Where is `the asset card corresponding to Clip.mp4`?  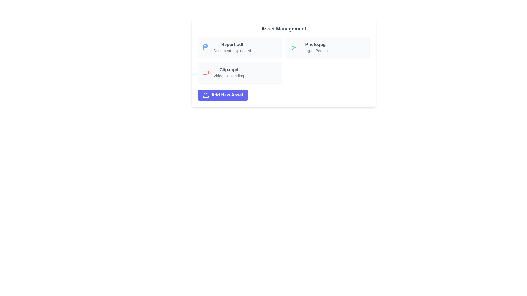 the asset card corresponding to Clip.mp4 is located at coordinates (240, 72).